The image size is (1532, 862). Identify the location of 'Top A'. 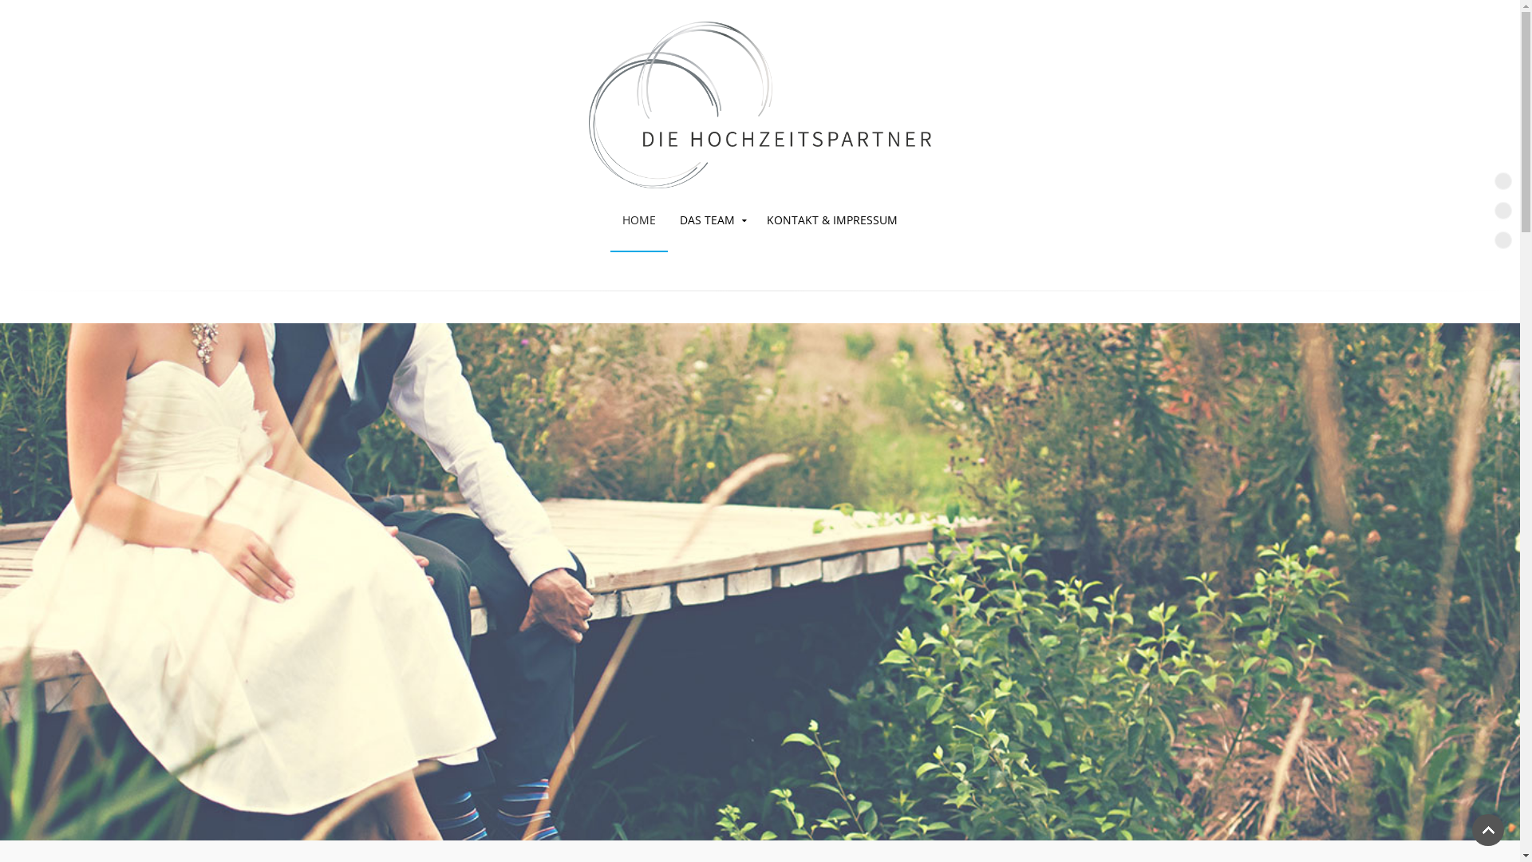
(1502, 180).